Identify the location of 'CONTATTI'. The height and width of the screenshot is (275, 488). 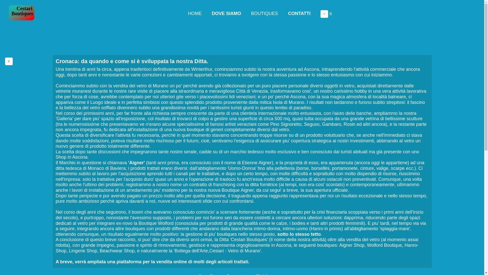
(283, 13).